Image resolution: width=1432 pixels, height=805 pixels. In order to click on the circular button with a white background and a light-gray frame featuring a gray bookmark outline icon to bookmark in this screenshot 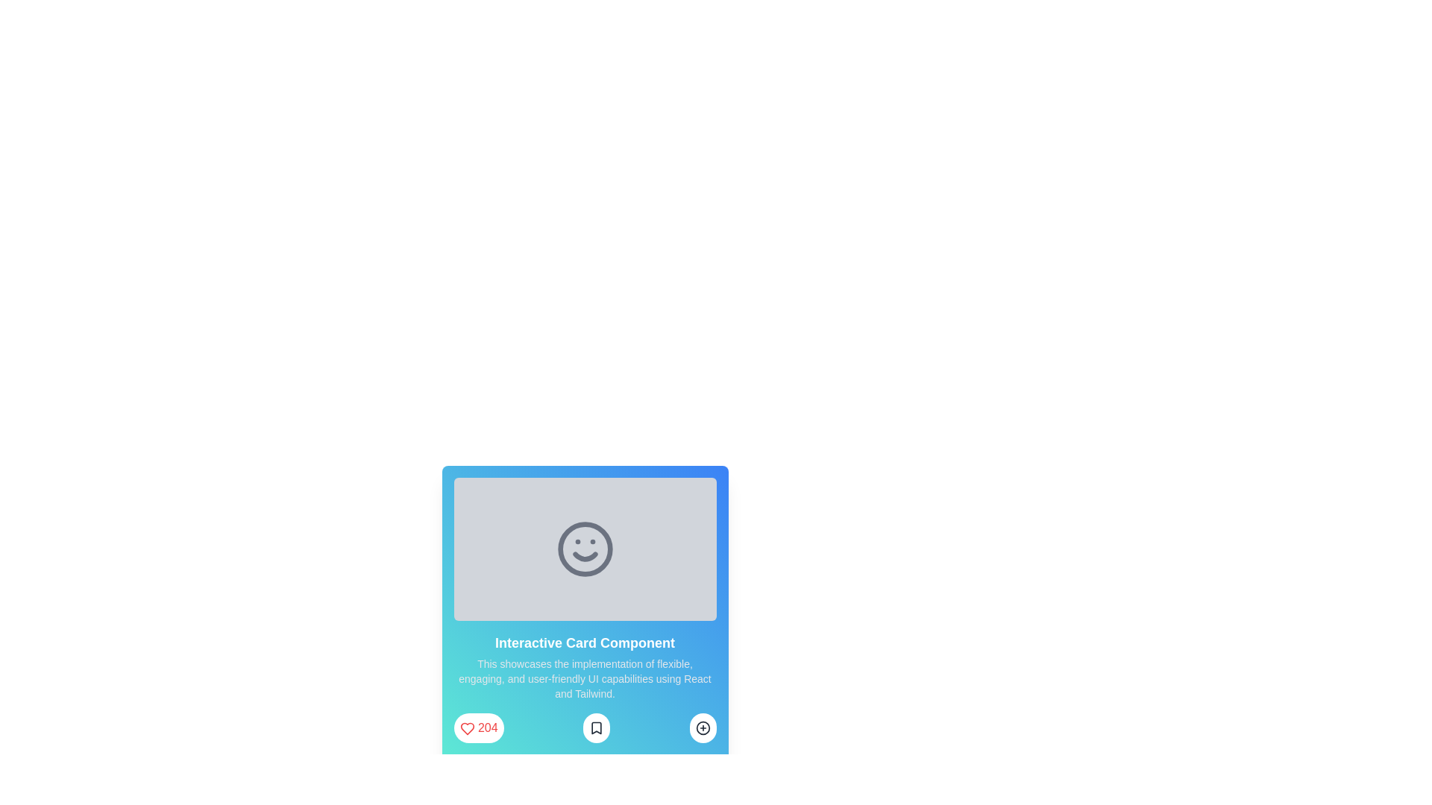, I will do `click(597, 727)`.